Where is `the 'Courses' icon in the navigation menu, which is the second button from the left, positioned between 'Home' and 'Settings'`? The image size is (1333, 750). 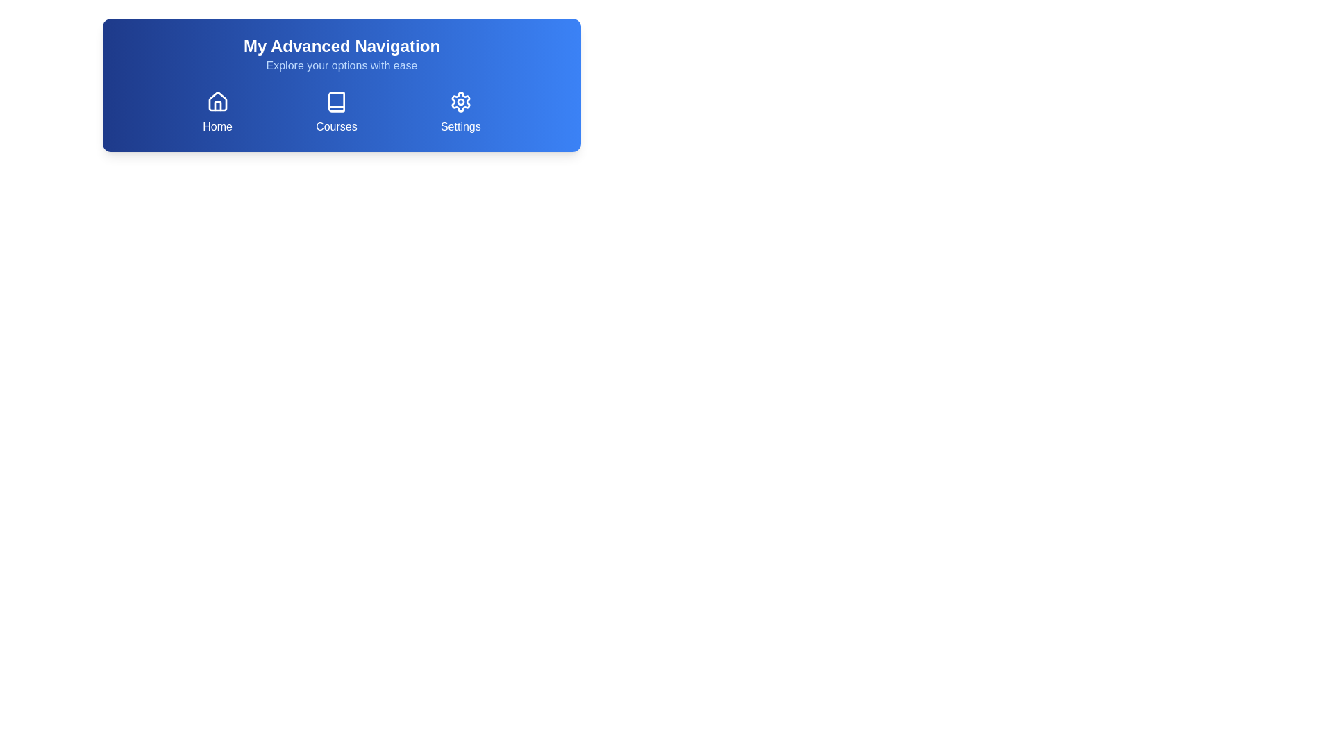
the 'Courses' icon in the navigation menu, which is the second button from the left, positioned between 'Home' and 'Settings' is located at coordinates (336, 101).